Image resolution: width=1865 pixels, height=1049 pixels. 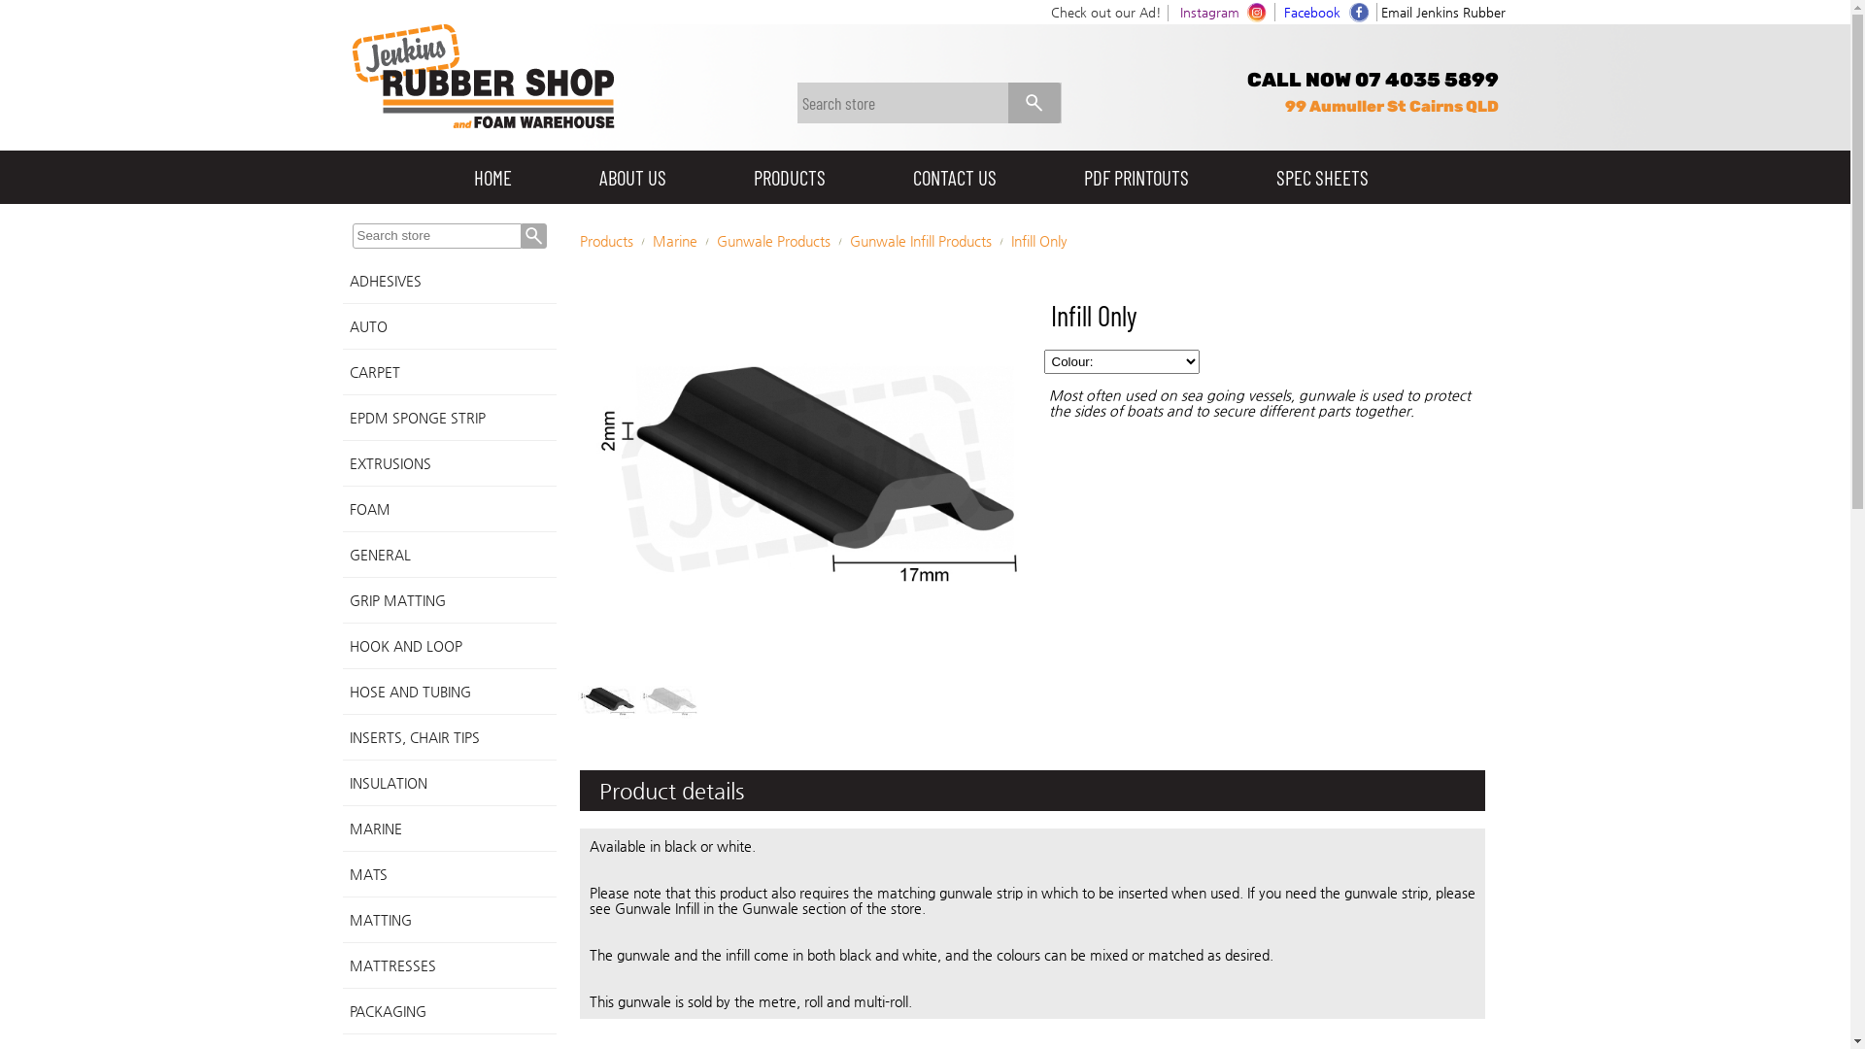 I want to click on 'MARINE', so click(x=447, y=829).